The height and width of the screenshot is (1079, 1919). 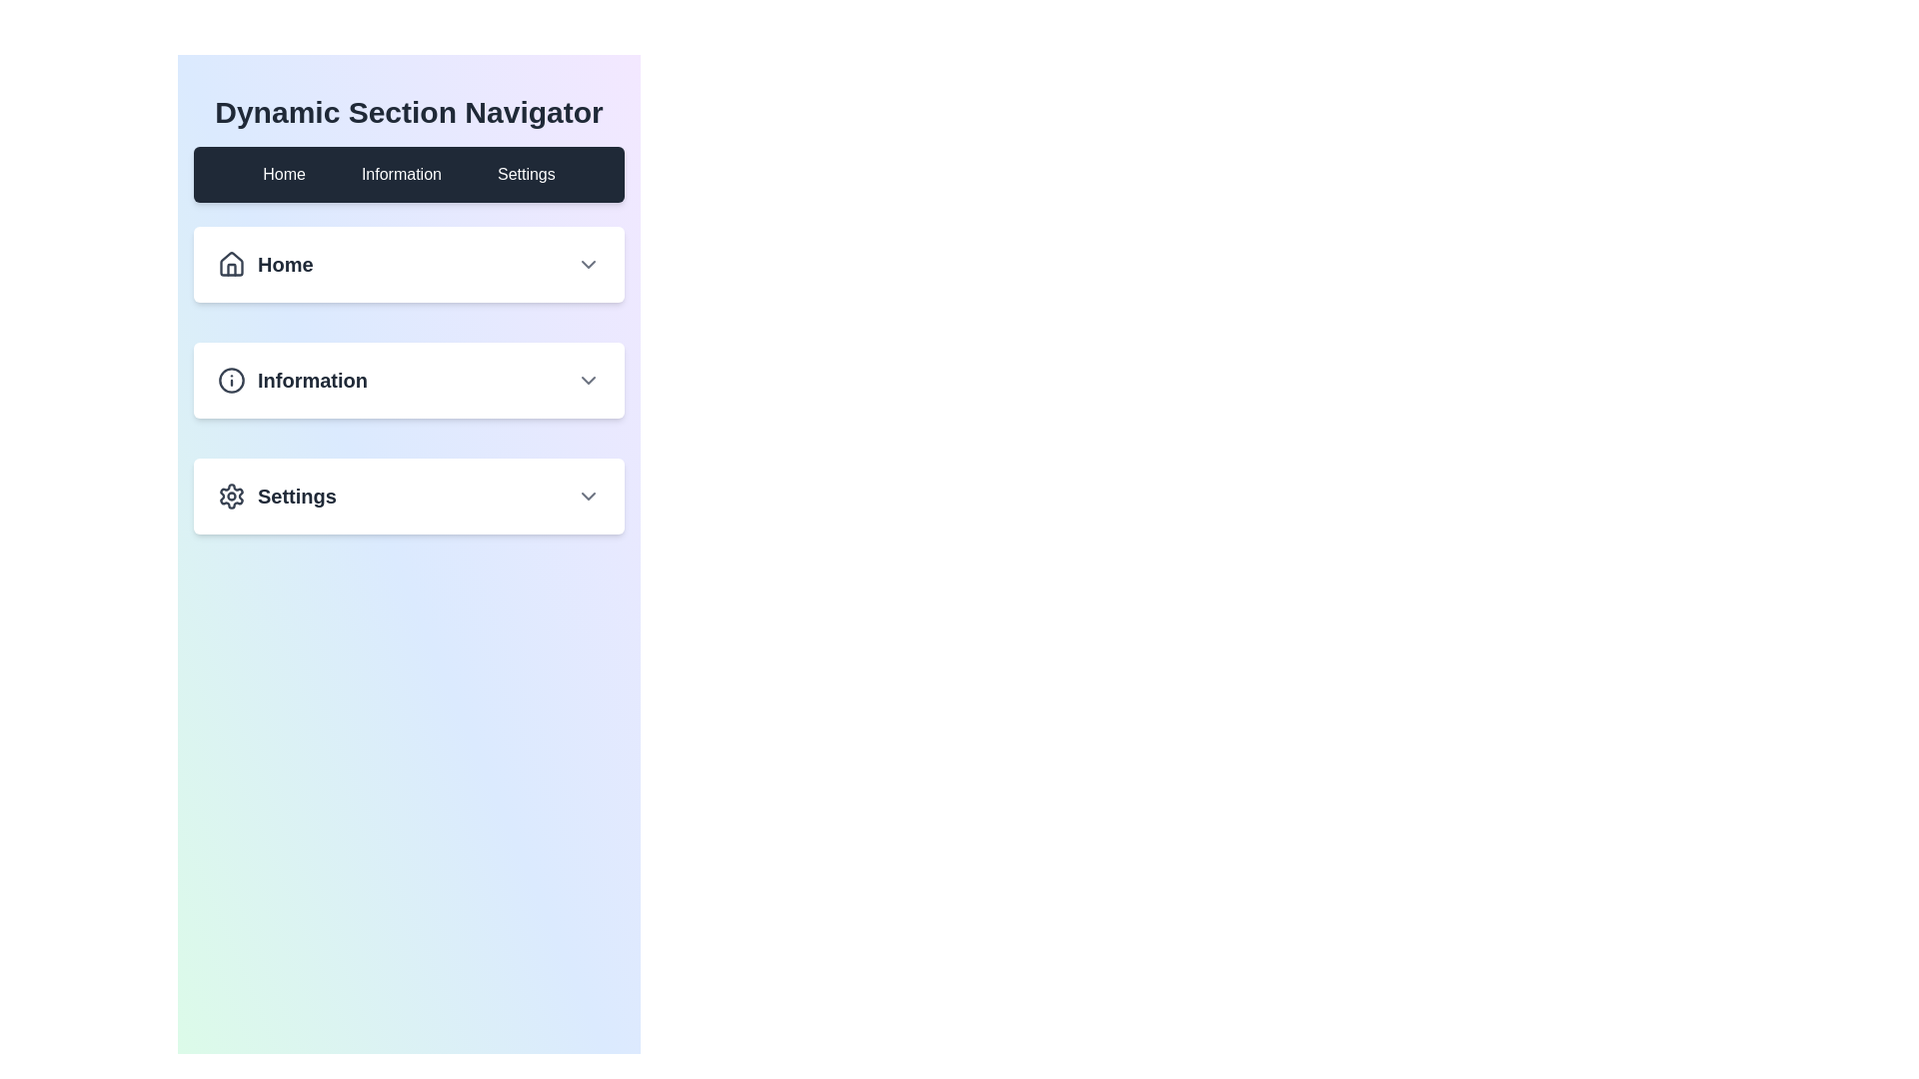 I want to click on 'Settings' label located in the third navigational option of the sidebar, directly below the 'Information' section, to understand its purpose, so click(x=296, y=496).